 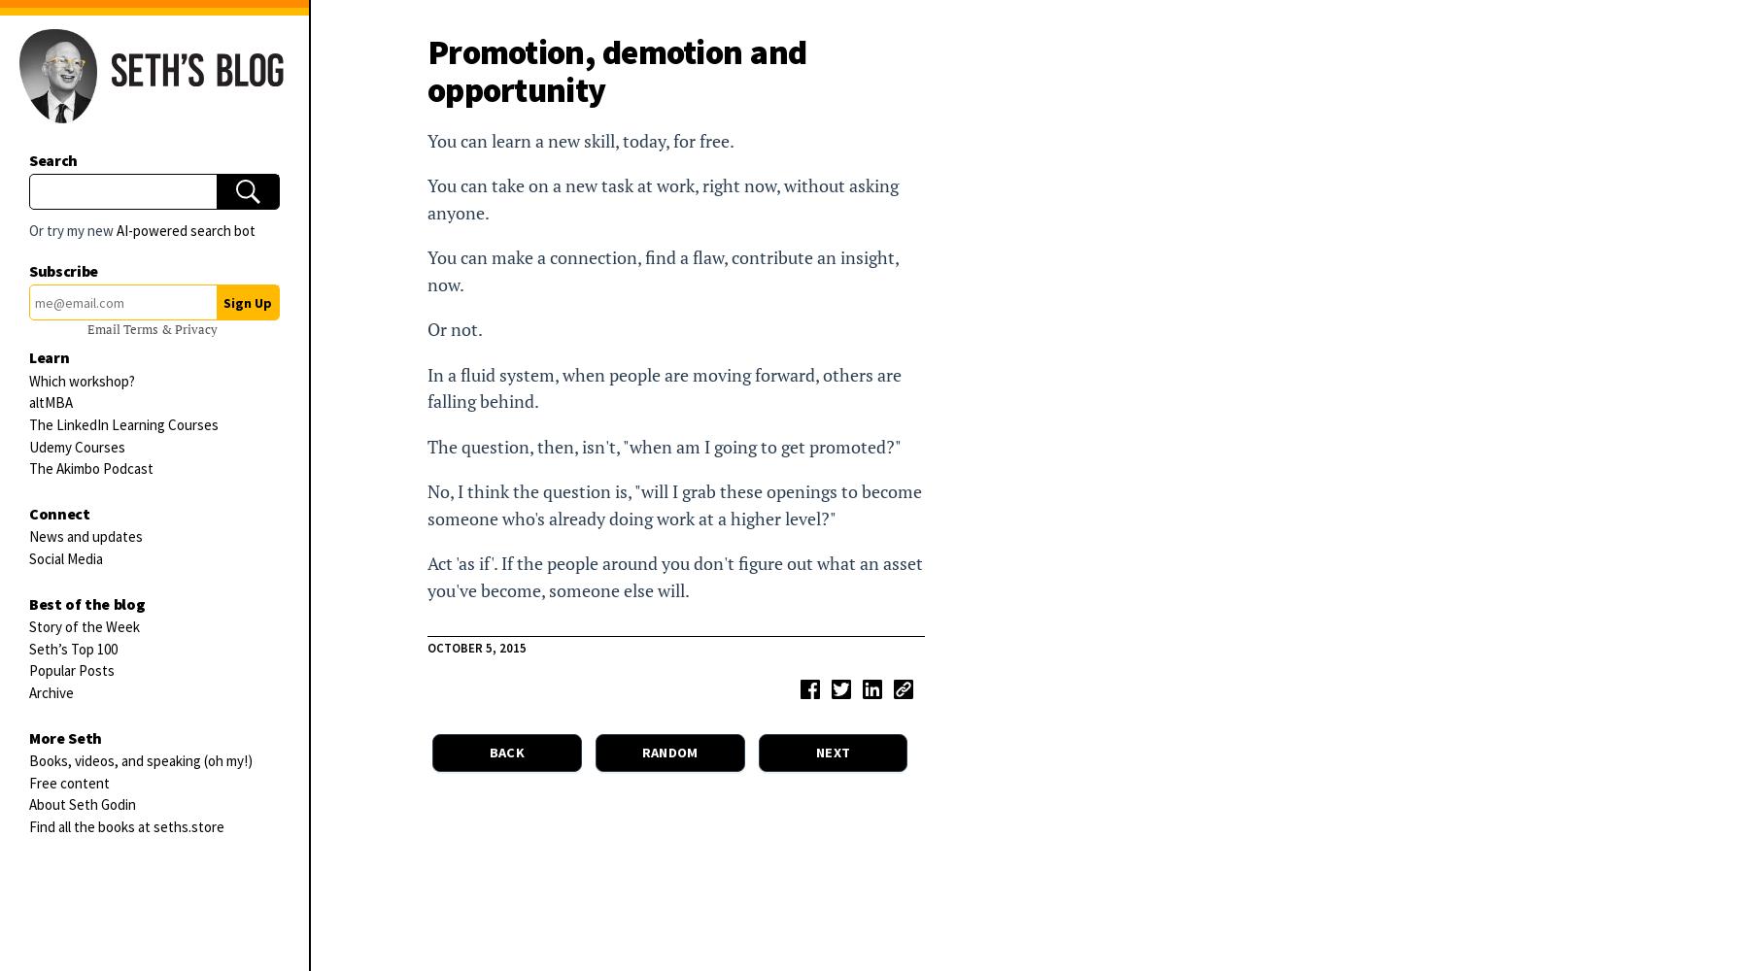 I want to click on 'Or not.', so click(x=427, y=328).